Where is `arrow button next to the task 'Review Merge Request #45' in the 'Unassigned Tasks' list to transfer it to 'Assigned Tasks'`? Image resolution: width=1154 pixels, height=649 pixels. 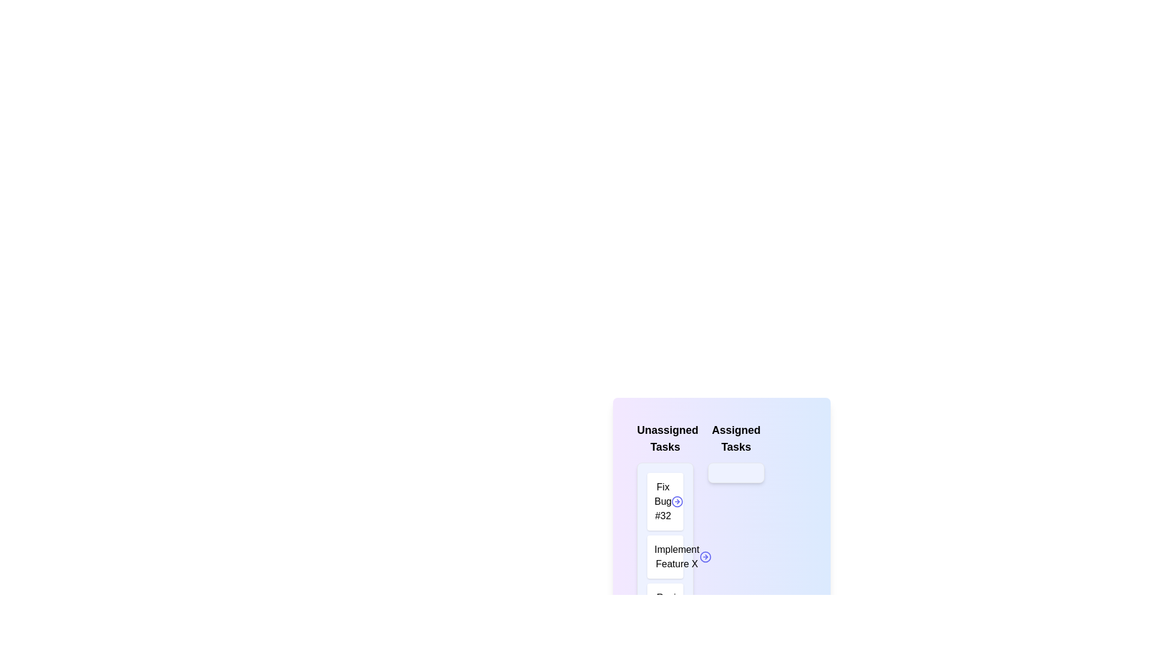 arrow button next to the task 'Review Merge Request #45' in the 'Unassigned Tasks' list to transfer it to 'Assigned Tasks' is located at coordinates (696, 619).